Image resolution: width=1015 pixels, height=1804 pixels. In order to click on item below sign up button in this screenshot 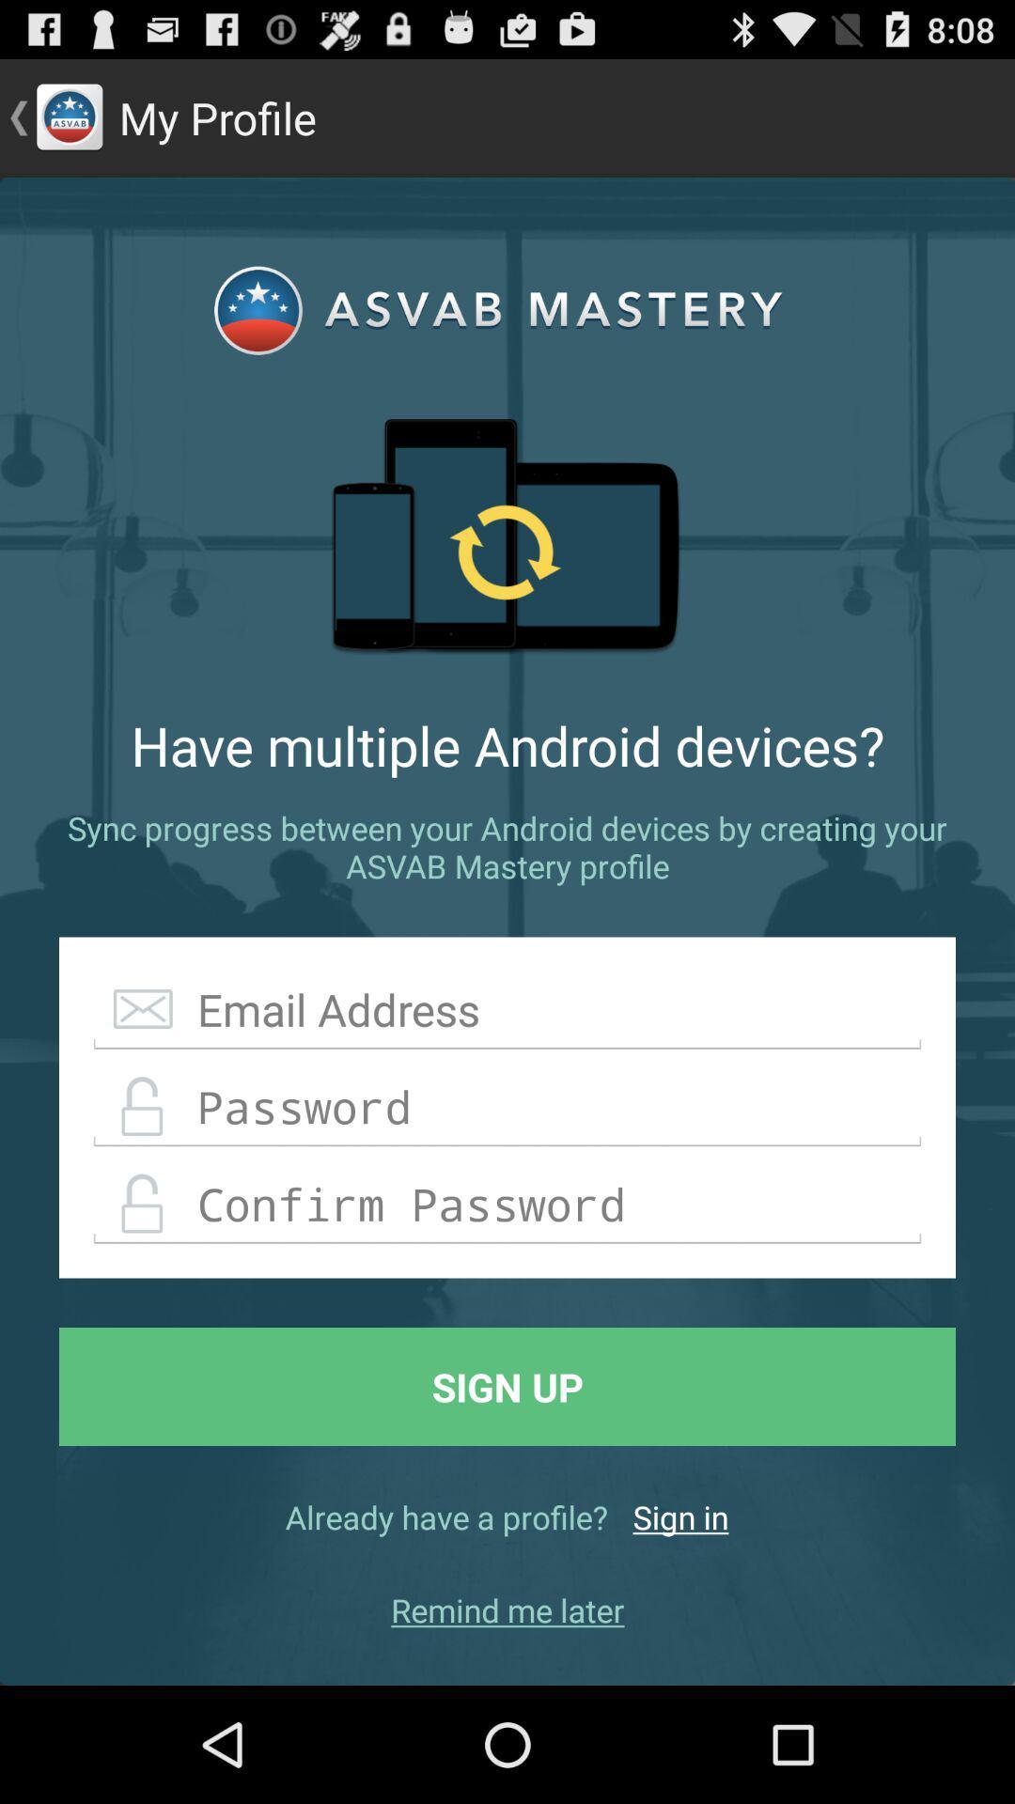, I will do `click(680, 1516)`.